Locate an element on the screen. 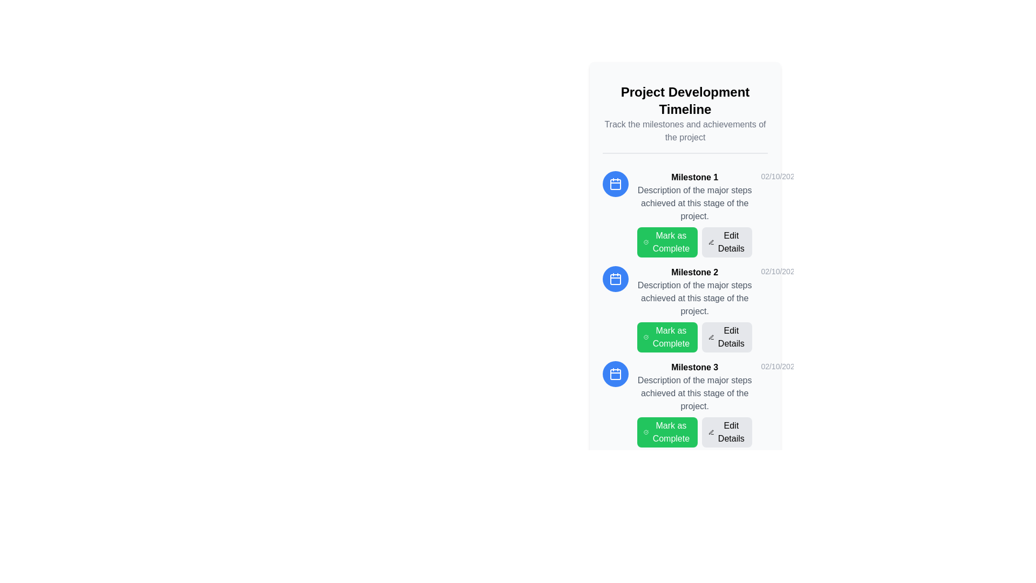  details of the first milestone titled 'Milestone 1', which includes a bold header, a descriptive paragraph, and action buttons below it is located at coordinates (694, 214).